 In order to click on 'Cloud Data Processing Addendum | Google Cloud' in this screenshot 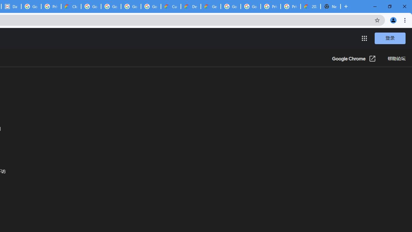, I will do `click(71, 6)`.